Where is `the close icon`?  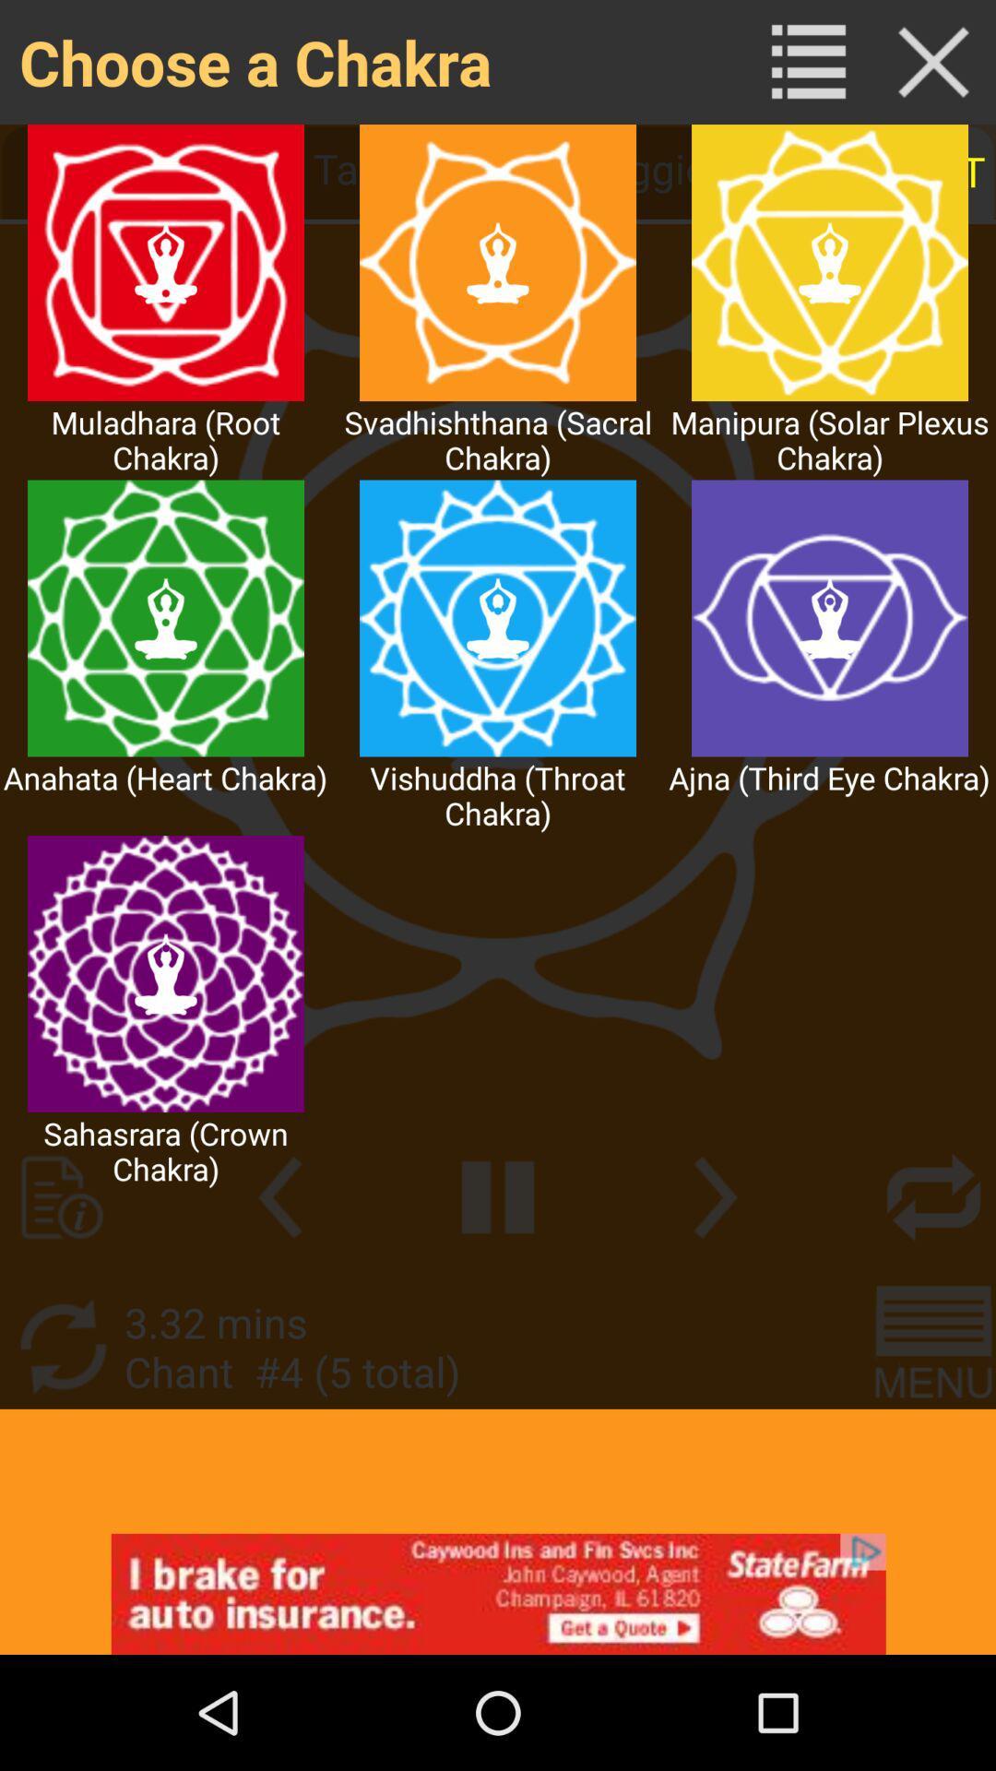 the close icon is located at coordinates (933, 66).